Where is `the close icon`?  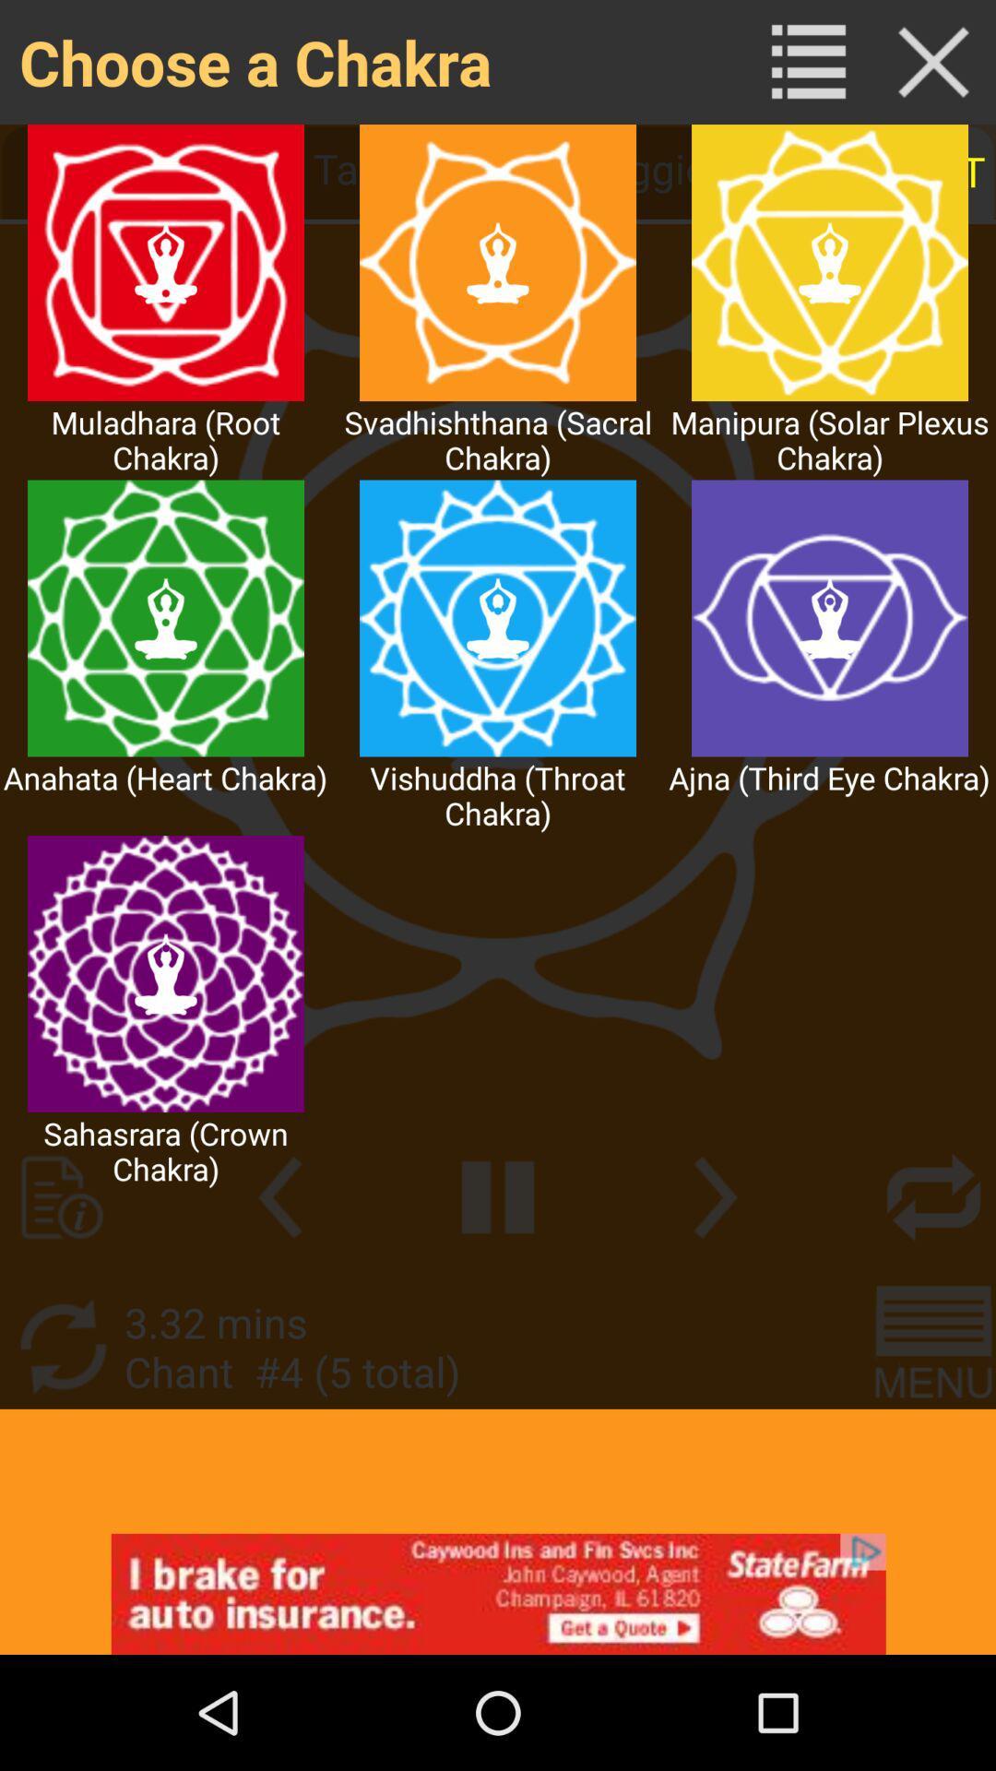 the close icon is located at coordinates (933, 66).